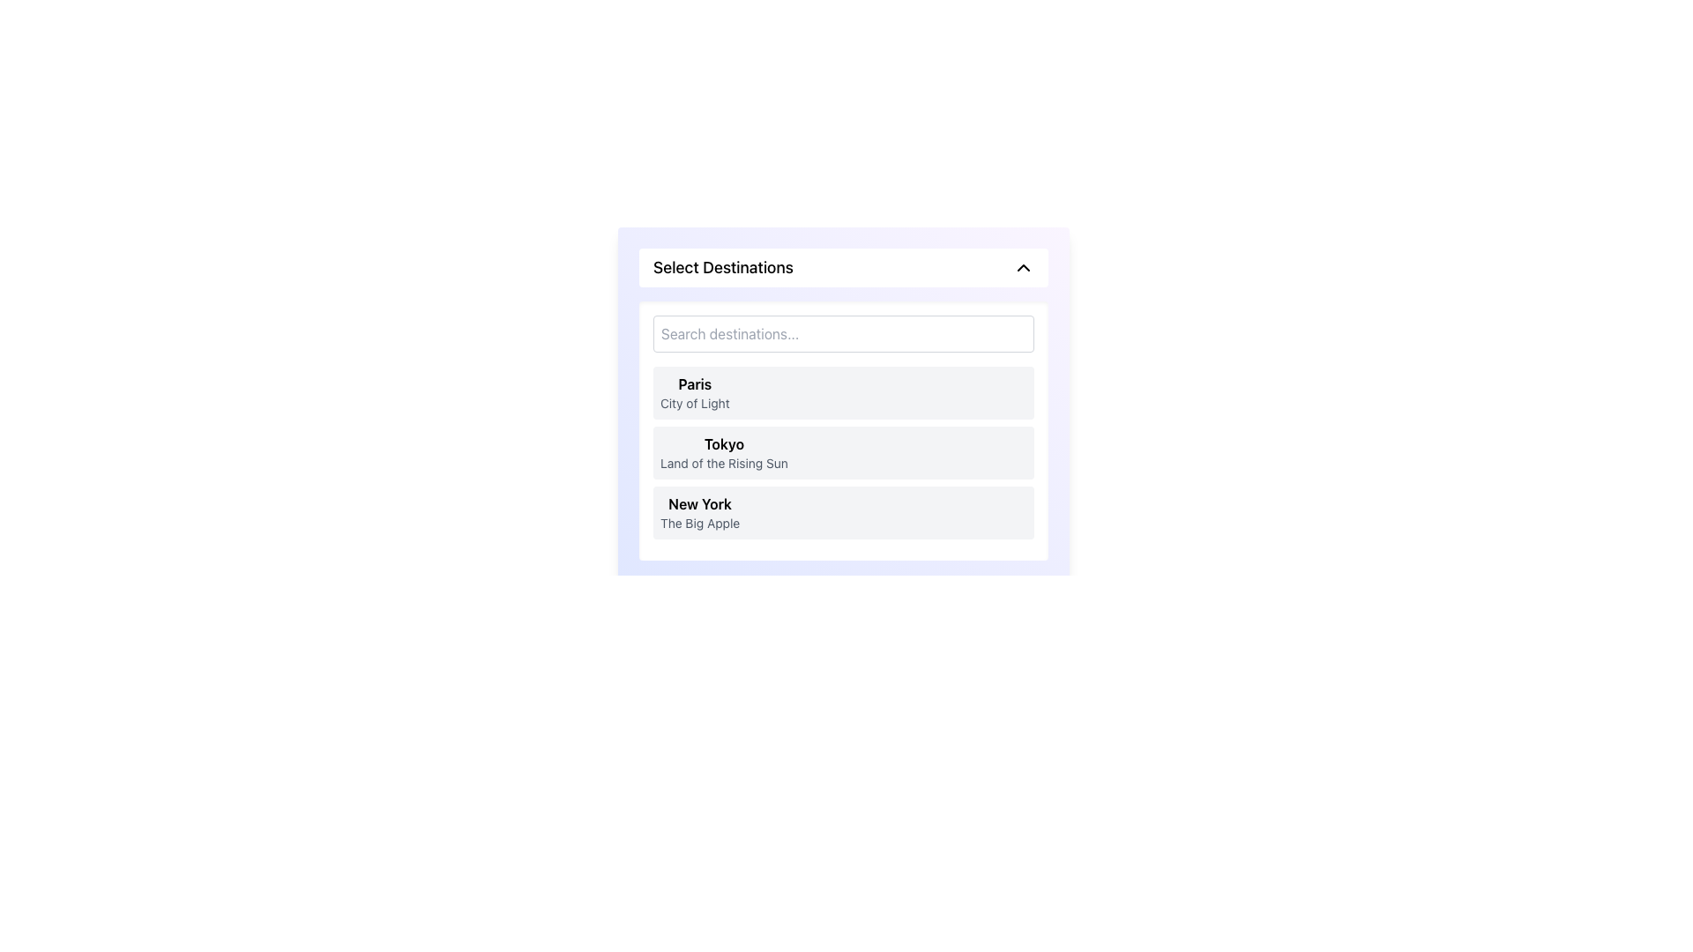  Describe the element at coordinates (699, 503) in the screenshot. I see `the 'New York' text label in the dropdown menu under 'Select Destinations', which is the first line of text in the third item of the dropdown list` at that location.